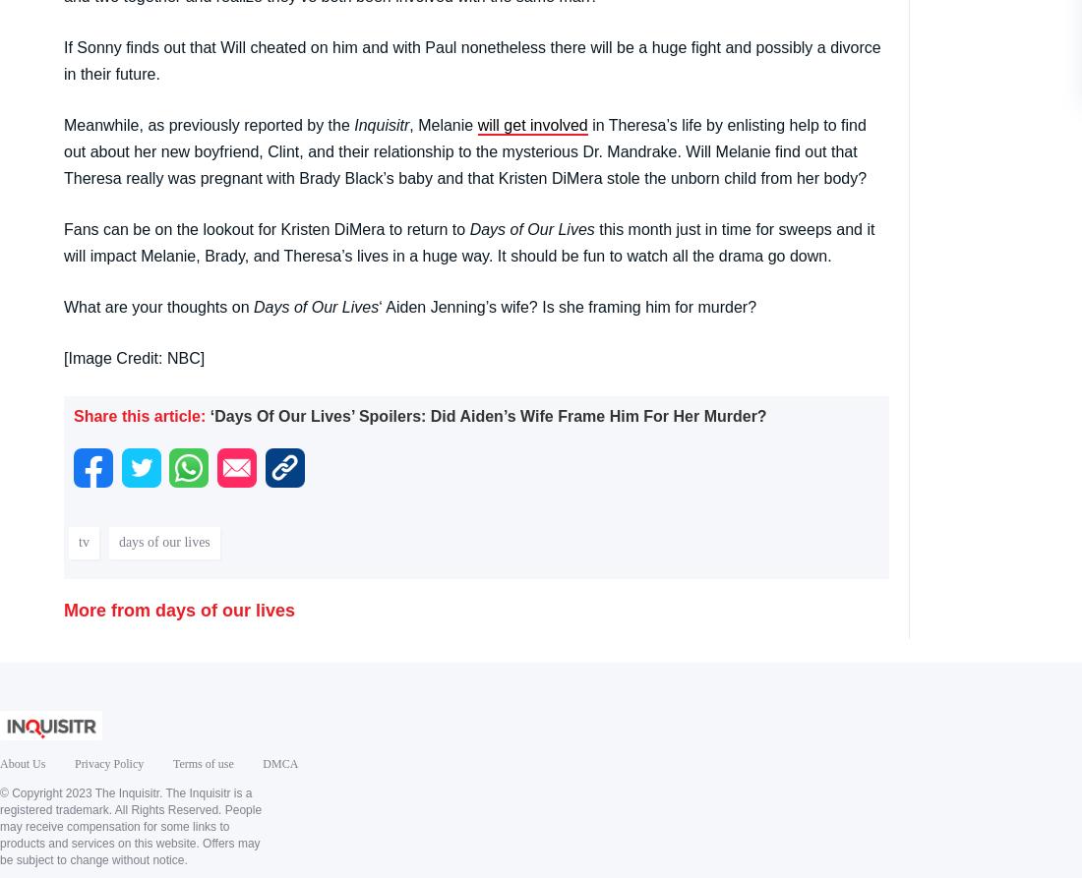 The image size is (1082, 878). What do you see at coordinates (139, 415) in the screenshot?
I see `'Share this article:'` at bounding box center [139, 415].